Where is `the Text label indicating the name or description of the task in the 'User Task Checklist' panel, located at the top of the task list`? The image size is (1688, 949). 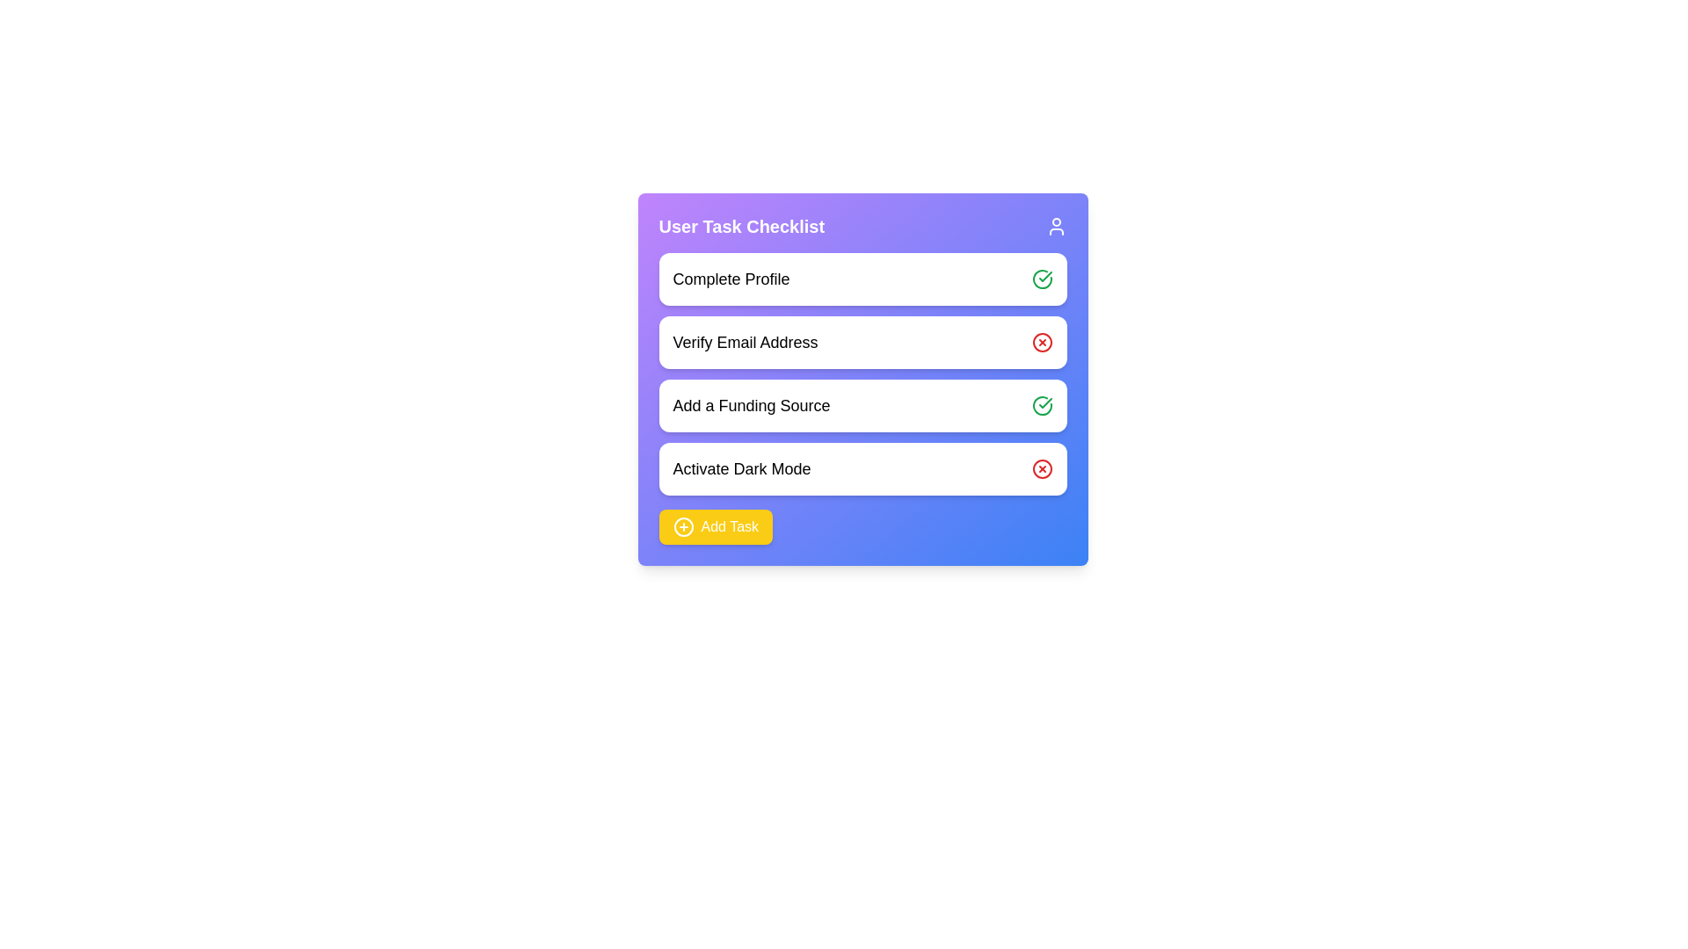 the Text label indicating the name or description of the task in the 'User Task Checklist' panel, located at the top of the task list is located at coordinates (731, 278).